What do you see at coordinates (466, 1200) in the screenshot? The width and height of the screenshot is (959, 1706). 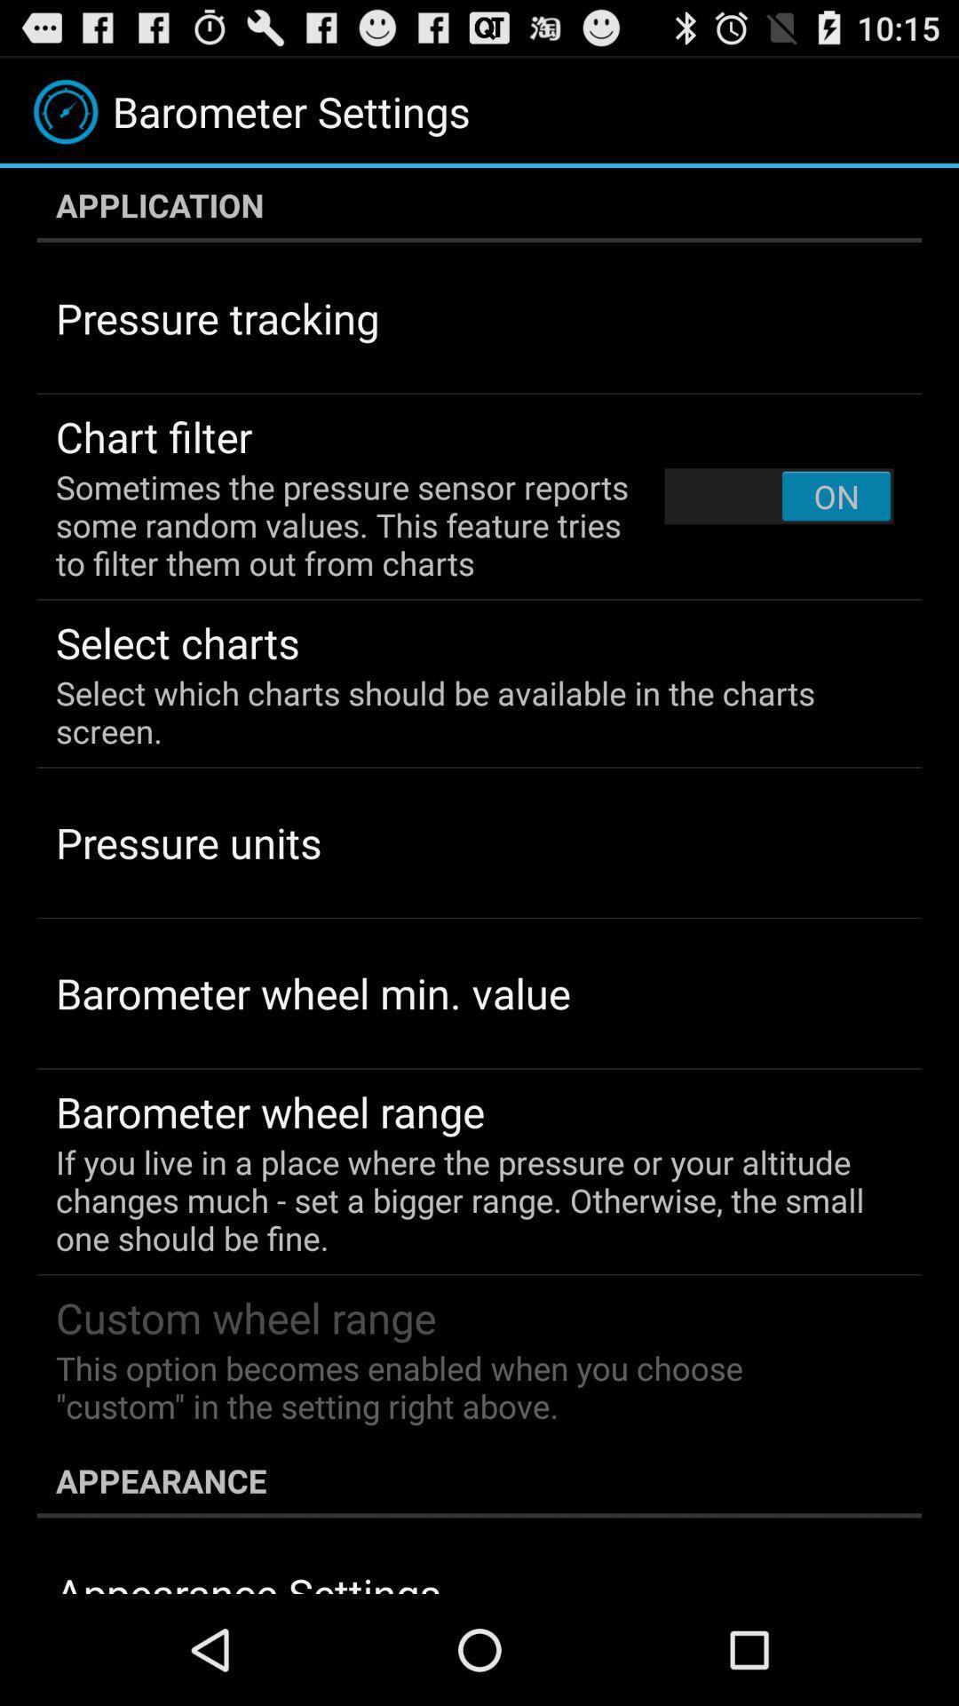 I see `app above the custom wheel range app` at bounding box center [466, 1200].